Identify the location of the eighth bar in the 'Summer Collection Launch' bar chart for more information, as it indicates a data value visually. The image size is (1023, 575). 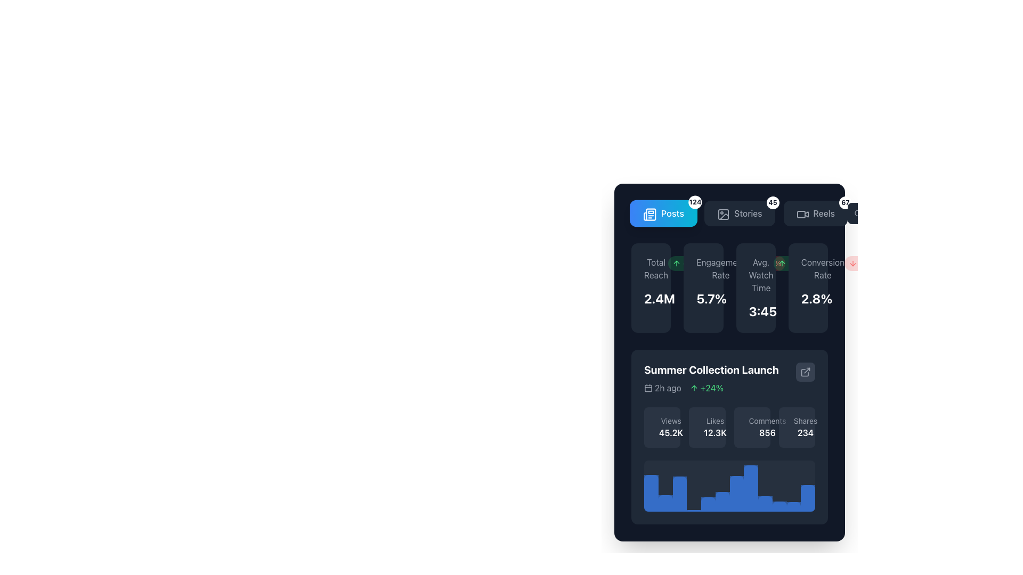
(750, 488).